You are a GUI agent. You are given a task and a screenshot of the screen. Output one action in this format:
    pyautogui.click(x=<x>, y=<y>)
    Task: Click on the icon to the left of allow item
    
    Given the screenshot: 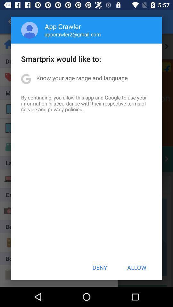 What is the action you would take?
    pyautogui.click(x=100, y=267)
    